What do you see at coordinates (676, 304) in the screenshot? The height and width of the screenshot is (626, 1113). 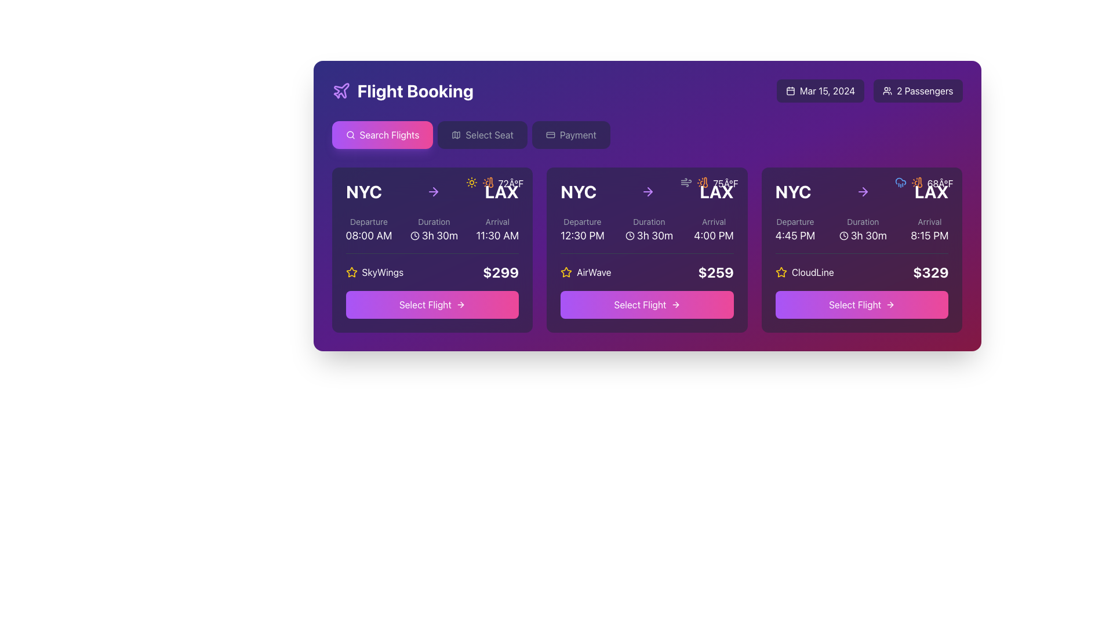 I see `the visual state of the chevron icon located at the far-right edge of the 'Select Flight' button in the 'AirWave' card` at bounding box center [676, 304].